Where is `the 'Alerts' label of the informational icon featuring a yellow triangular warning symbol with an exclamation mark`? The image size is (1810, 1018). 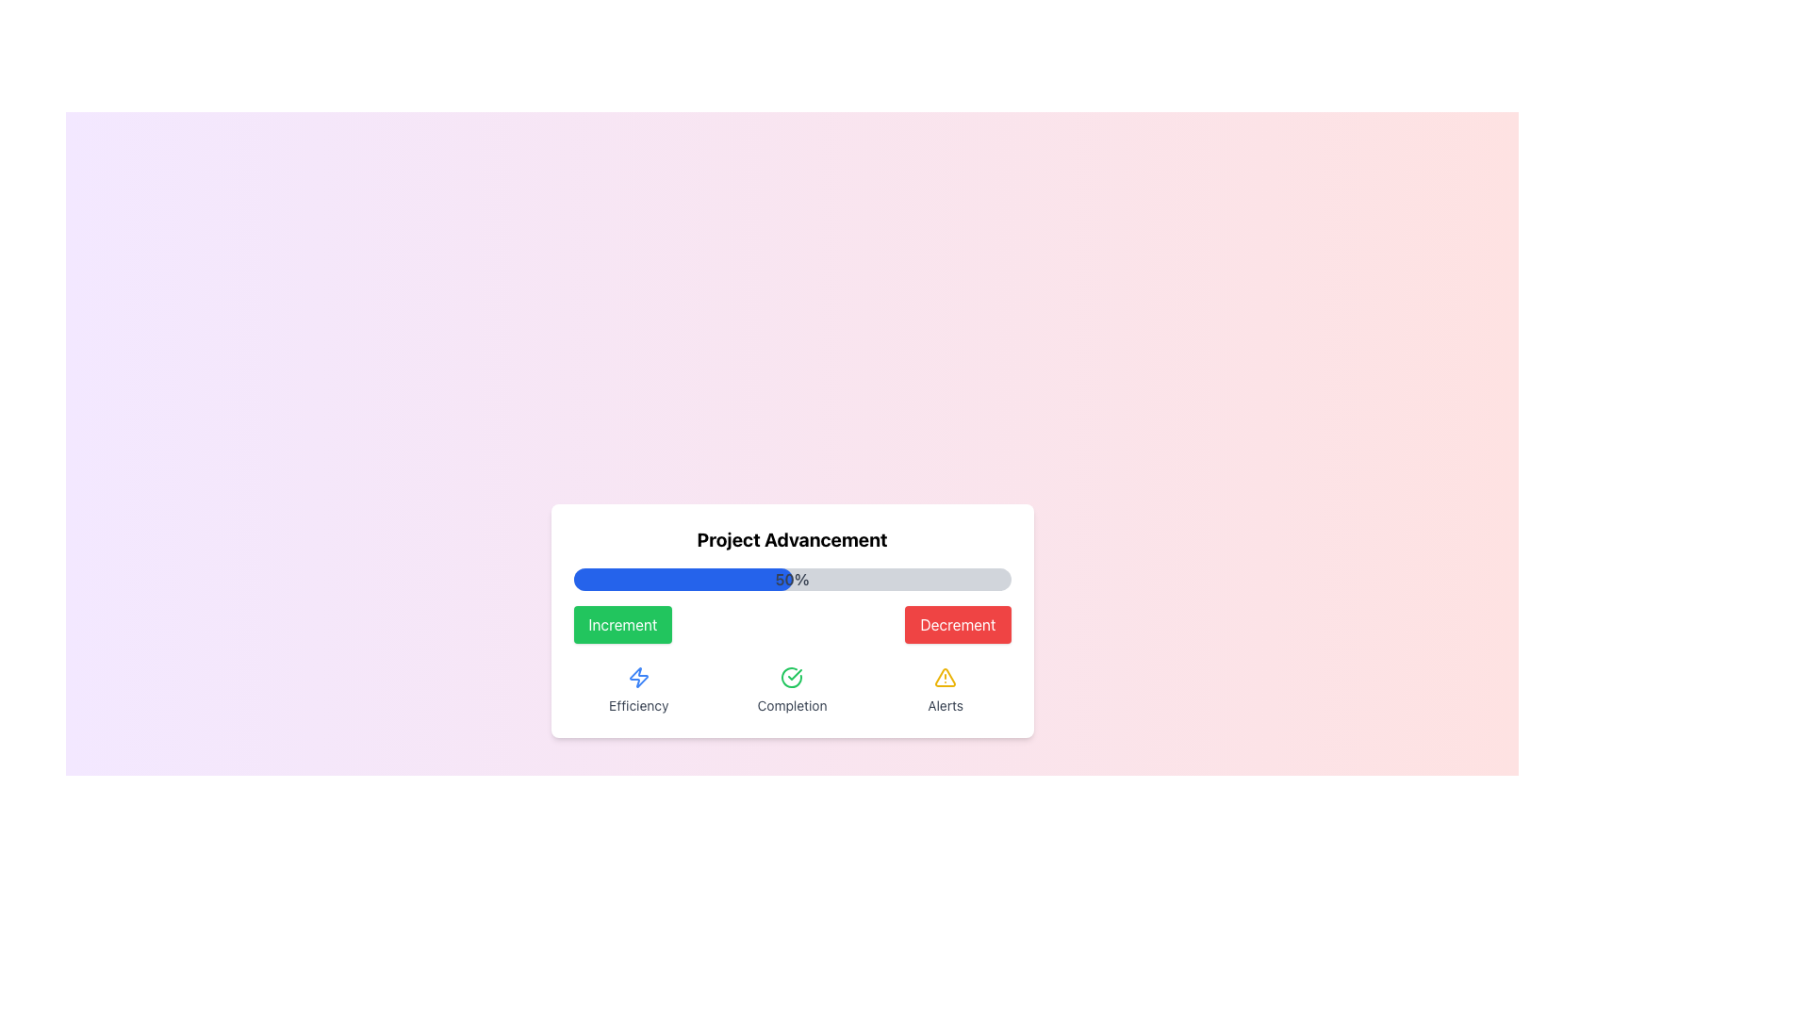
the 'Alerts' label of the informational icon featuring a yellow triangular warning symbol with an exclamation mark is located at coordinates (946, 690).